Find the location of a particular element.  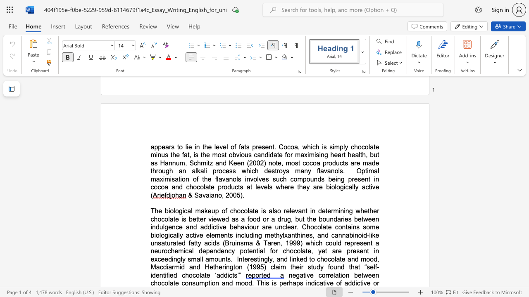

the subset text "od" within the text "negative correlation between chocolate consumption and mood. This is" is located at coordinates (244, 283).